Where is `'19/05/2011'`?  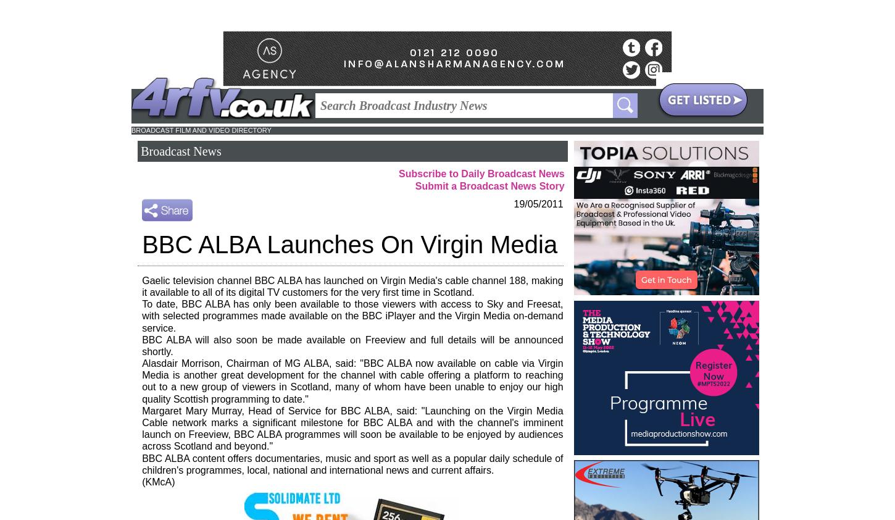
'19/05/2011' is located at coordinates (538, 203).